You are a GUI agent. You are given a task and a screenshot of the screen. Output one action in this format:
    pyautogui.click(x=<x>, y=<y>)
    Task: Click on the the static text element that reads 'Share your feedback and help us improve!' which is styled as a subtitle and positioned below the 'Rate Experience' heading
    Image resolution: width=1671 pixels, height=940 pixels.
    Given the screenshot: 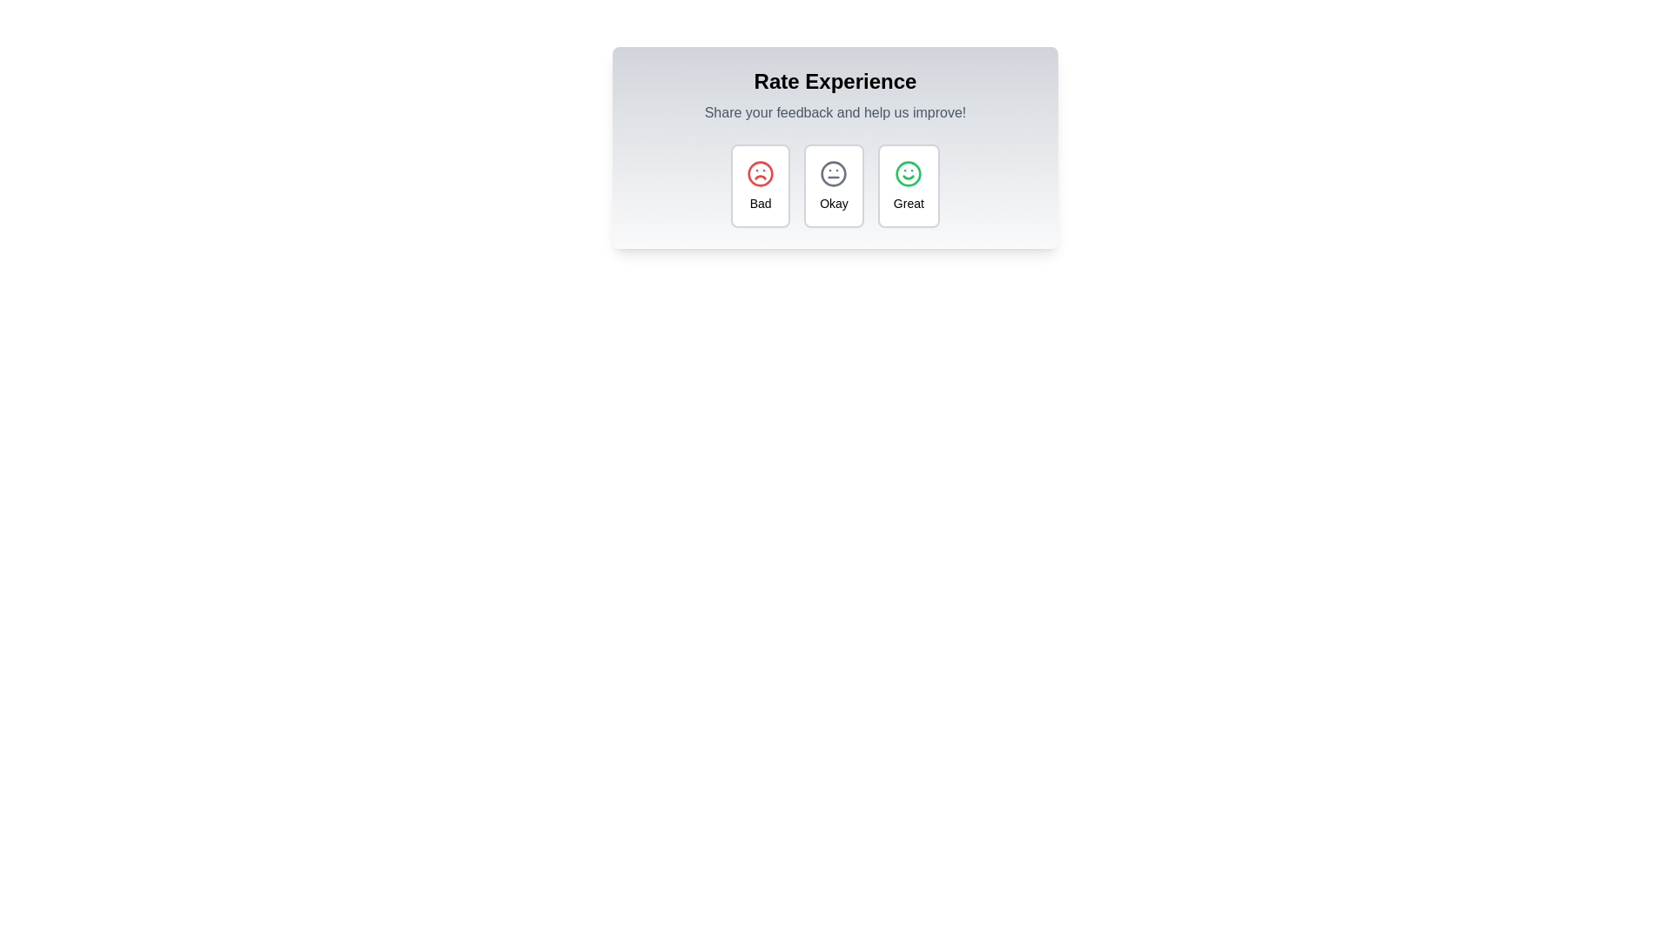 What is the action you would take?
    pyautogui.click(x=835, y=113)
    